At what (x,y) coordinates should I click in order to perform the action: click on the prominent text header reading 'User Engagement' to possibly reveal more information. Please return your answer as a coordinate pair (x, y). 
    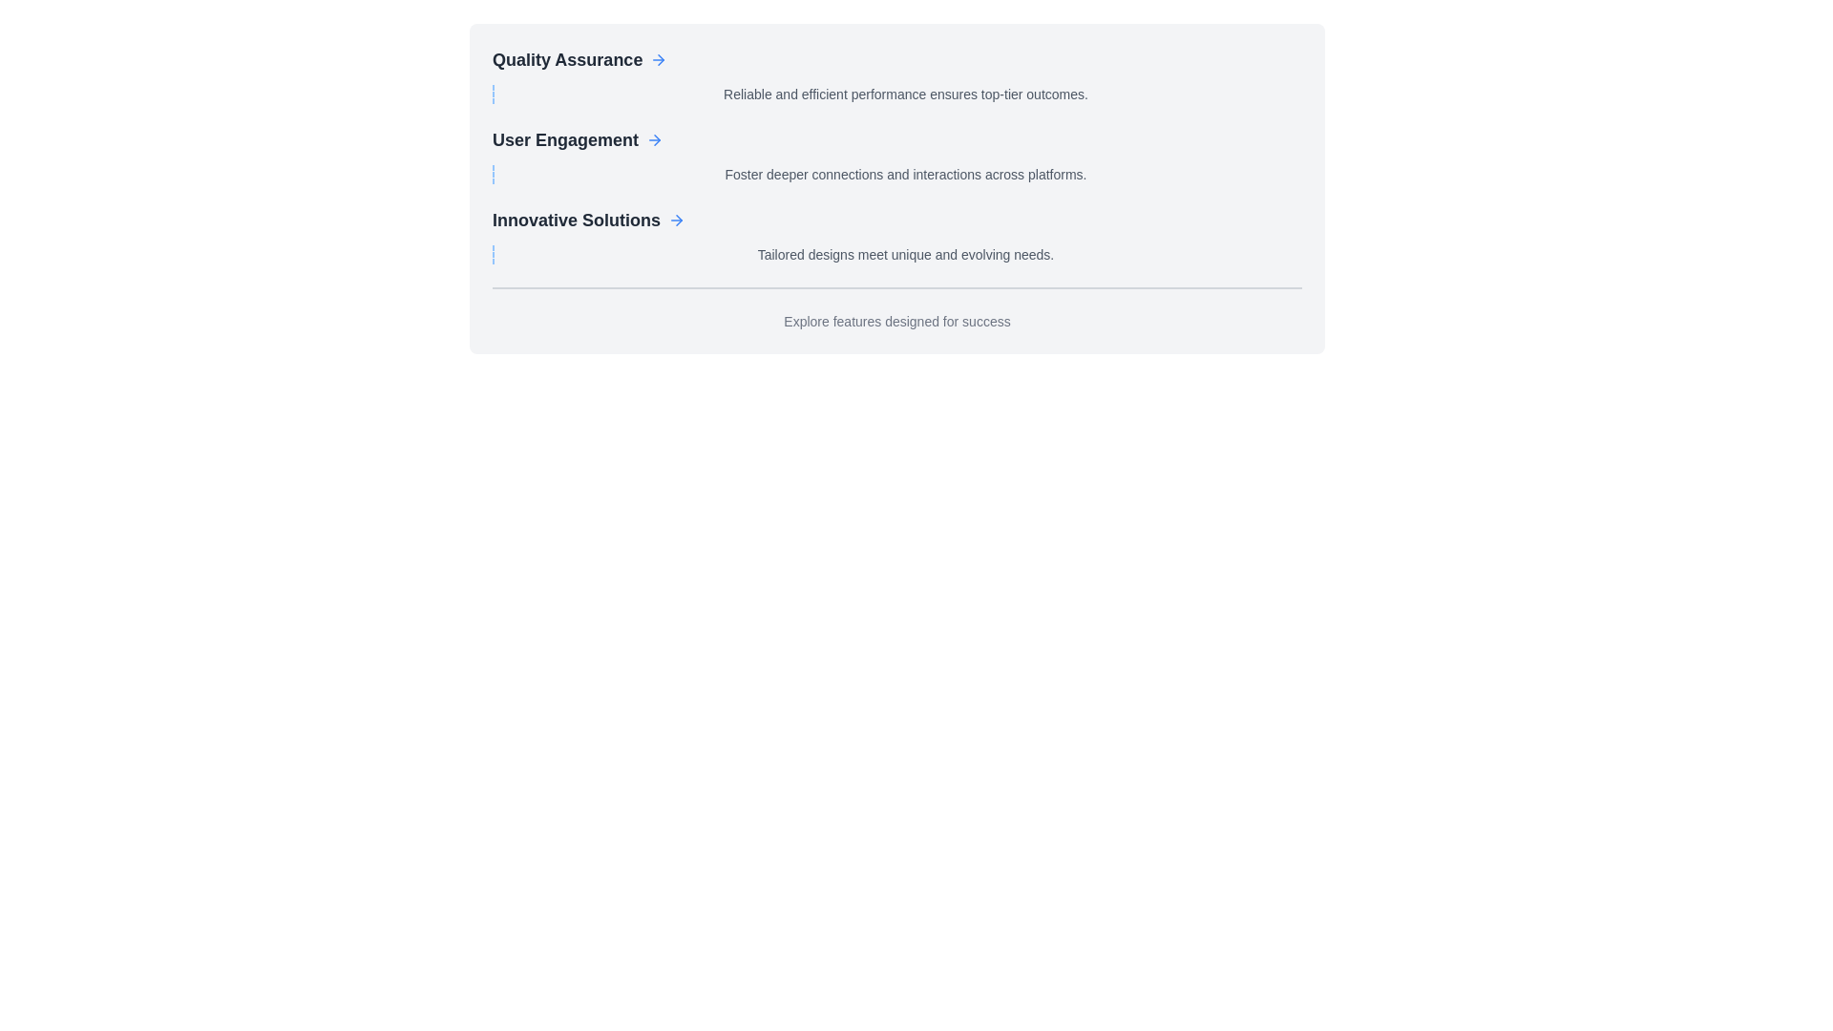
    Looking at the image, I should click on (564, 138).